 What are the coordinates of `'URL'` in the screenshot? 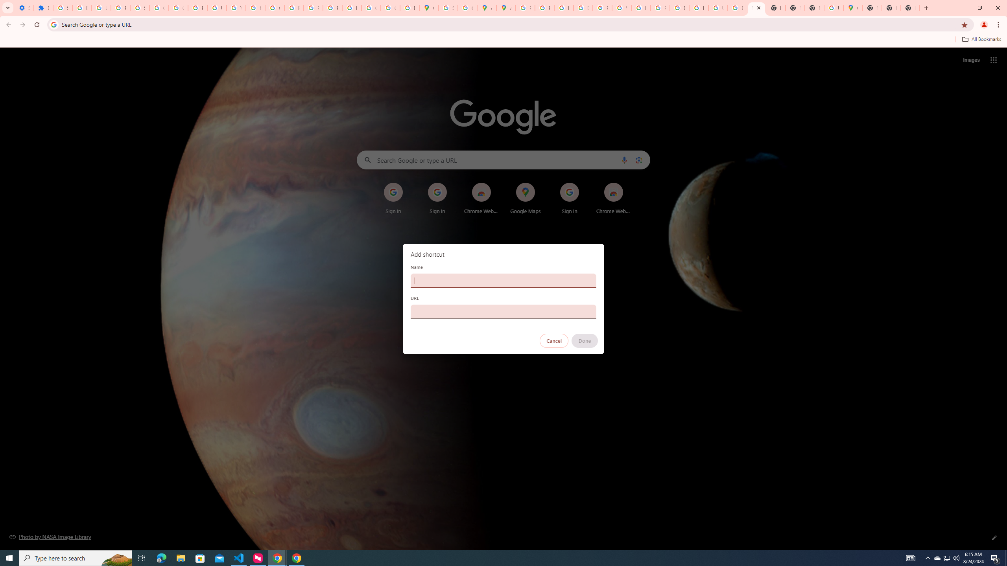 It's located at (503, 311).